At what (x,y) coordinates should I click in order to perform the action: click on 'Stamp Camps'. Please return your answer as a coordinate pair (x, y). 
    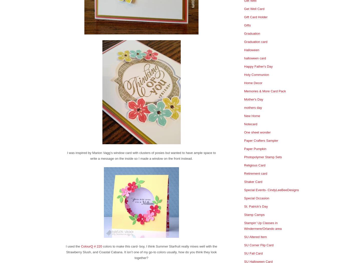
    Looking at the image, I should click on (254, 214).